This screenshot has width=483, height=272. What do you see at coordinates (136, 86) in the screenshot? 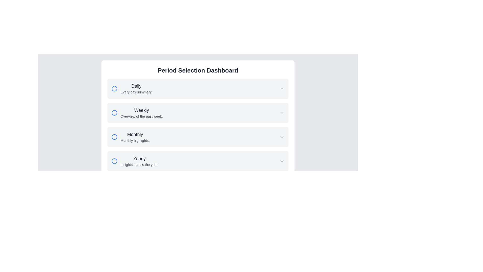
I see `header text indicating the daily summary section that is positioned in the card with the header 'Daily' and description 'Every day summary.'` at bounding box center [136, 86].